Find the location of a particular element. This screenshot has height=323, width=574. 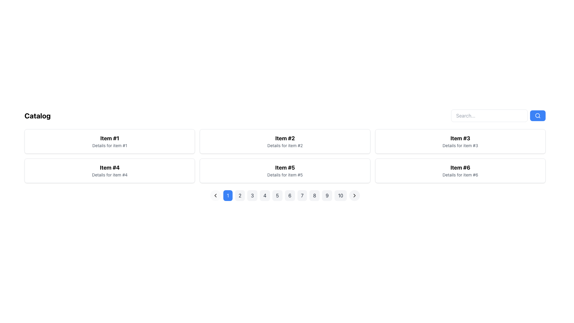

the eighth interactive button in the pagination component is located at coordinates (314, 196).